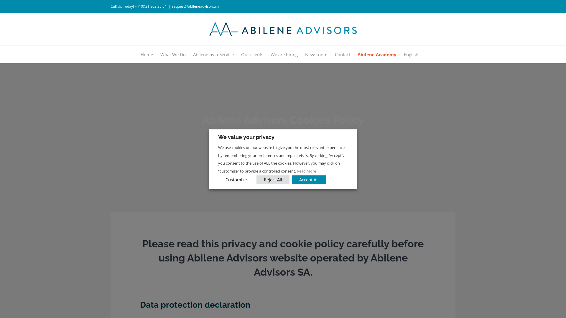 This screenshot has width=566, height=318. What do you see at coordinates (411, 54) in the screenshot?
I see `'English'` at bounding box center [411, 54].